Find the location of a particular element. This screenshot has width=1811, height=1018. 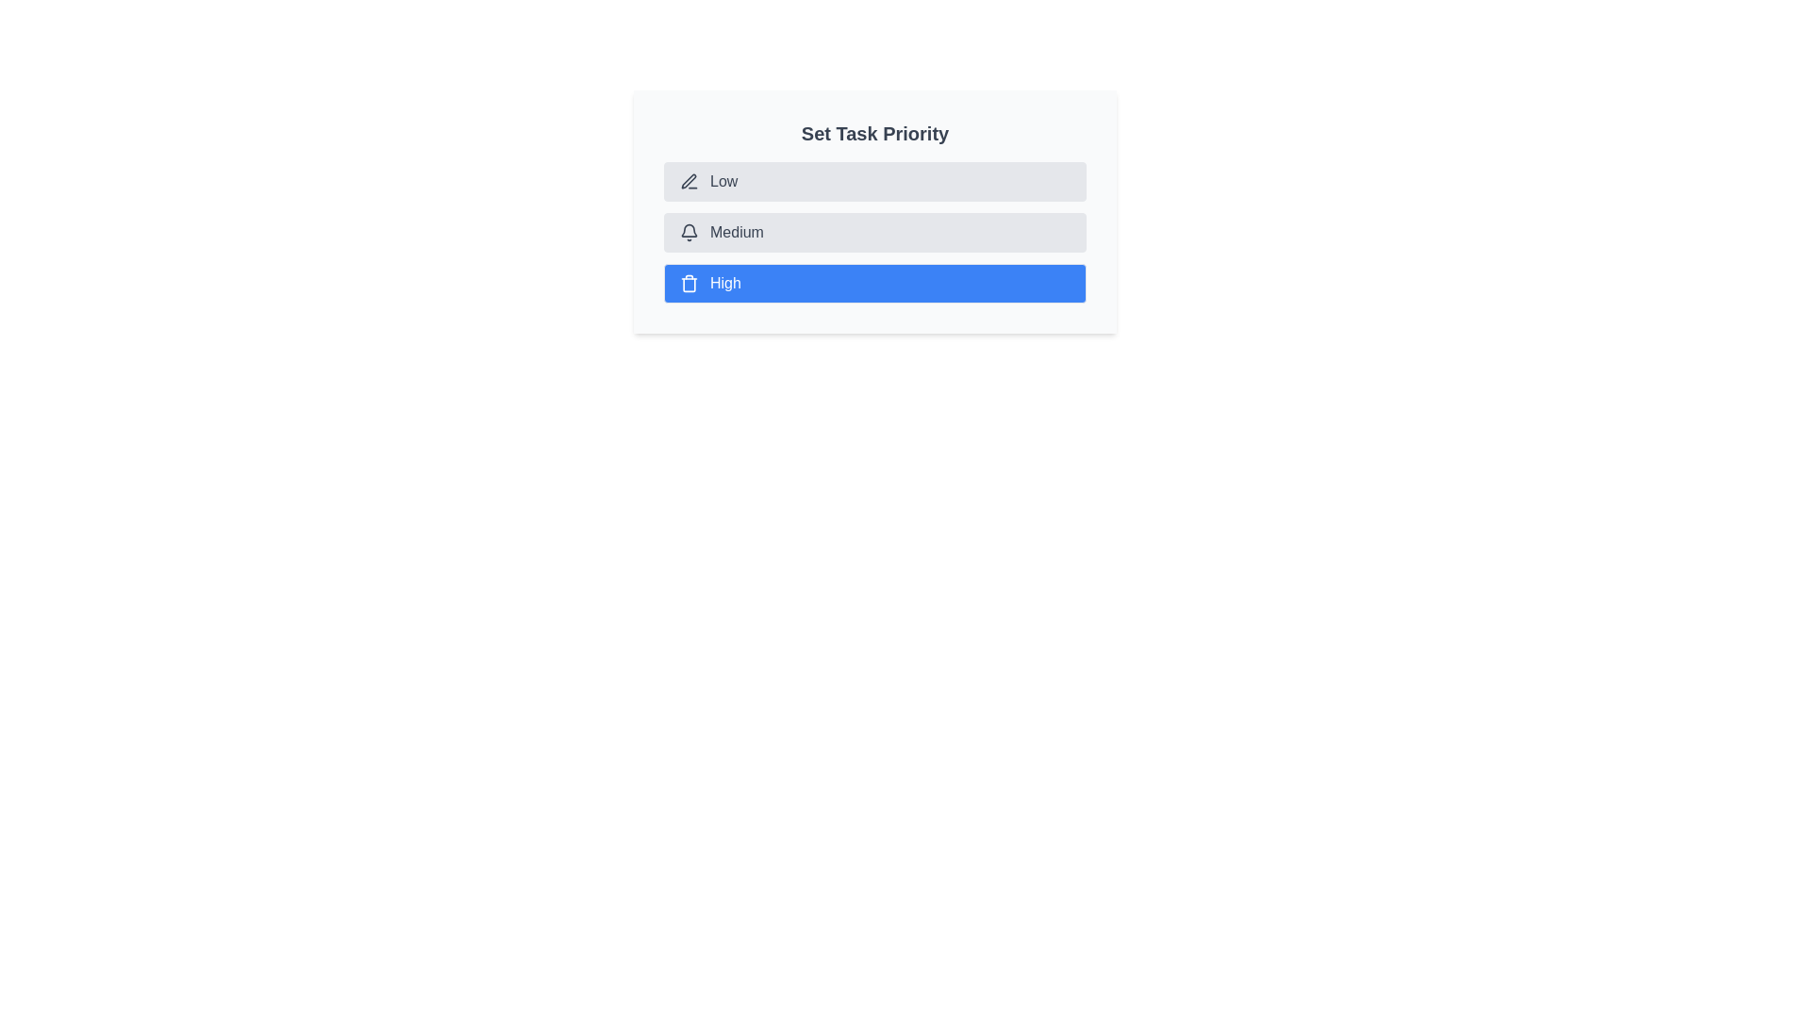

the priority chip corresponding to Medium to set it as the current priority is located at coordinates (873, 231).